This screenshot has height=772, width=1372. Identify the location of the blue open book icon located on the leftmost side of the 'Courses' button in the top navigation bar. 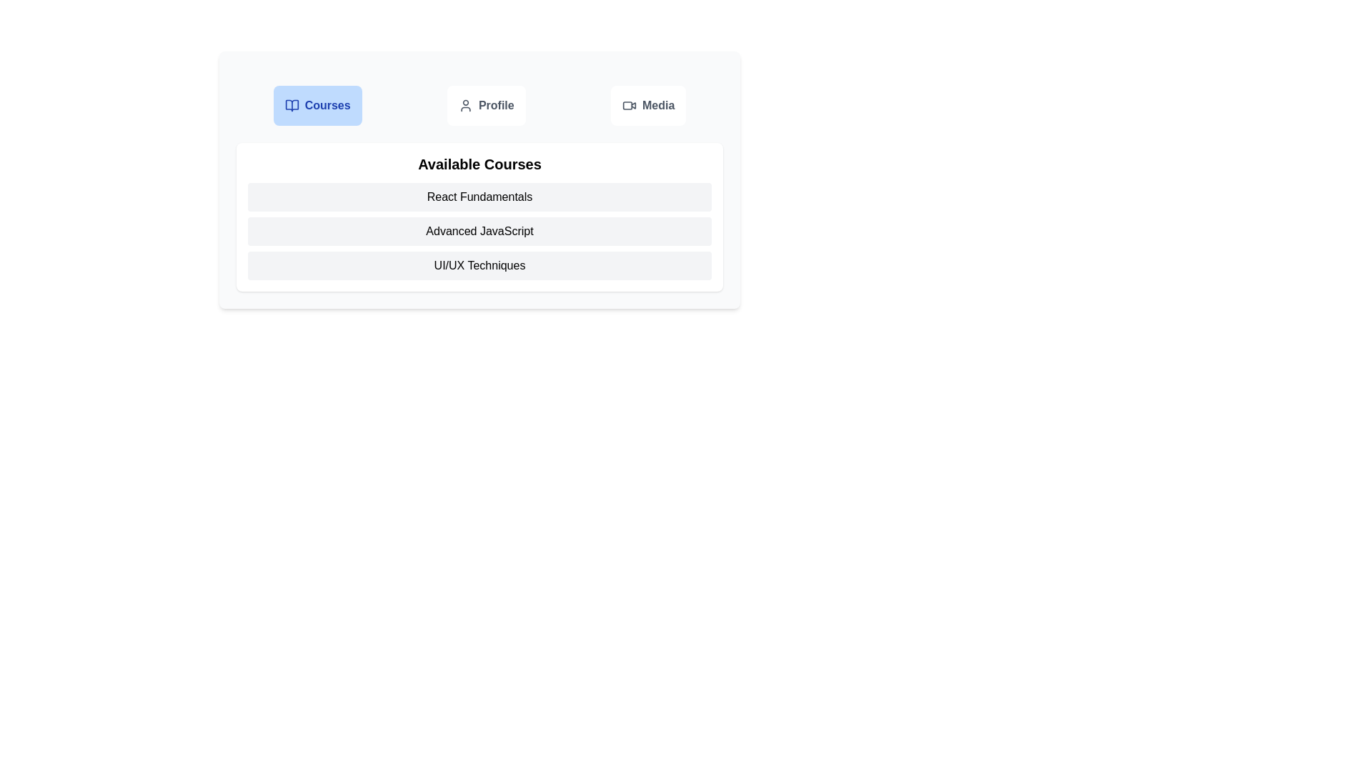
(291, 104).